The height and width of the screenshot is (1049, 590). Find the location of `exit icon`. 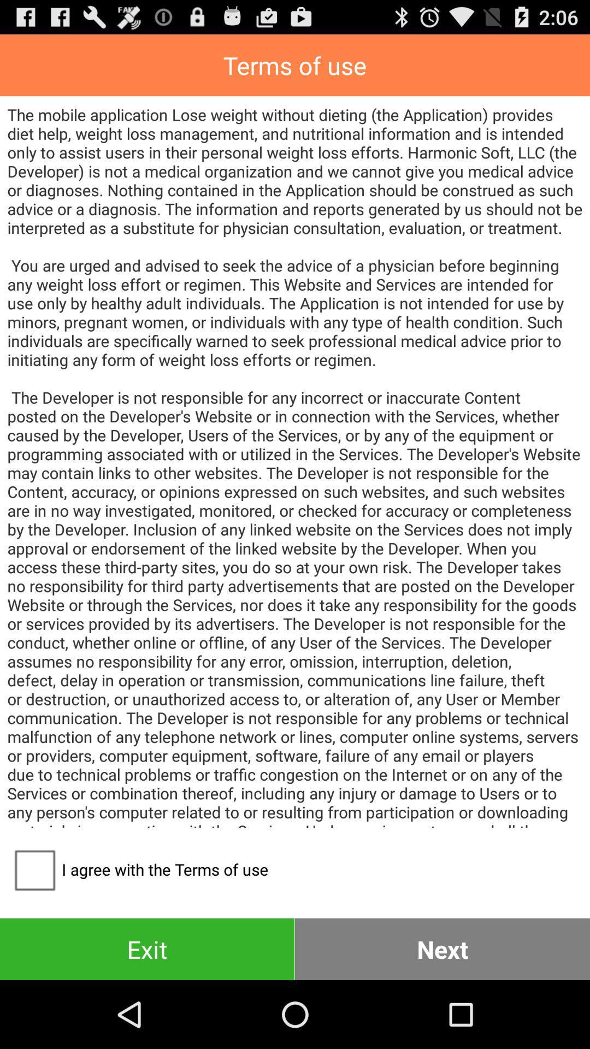

exit icon is located at coordinates (146, 948).